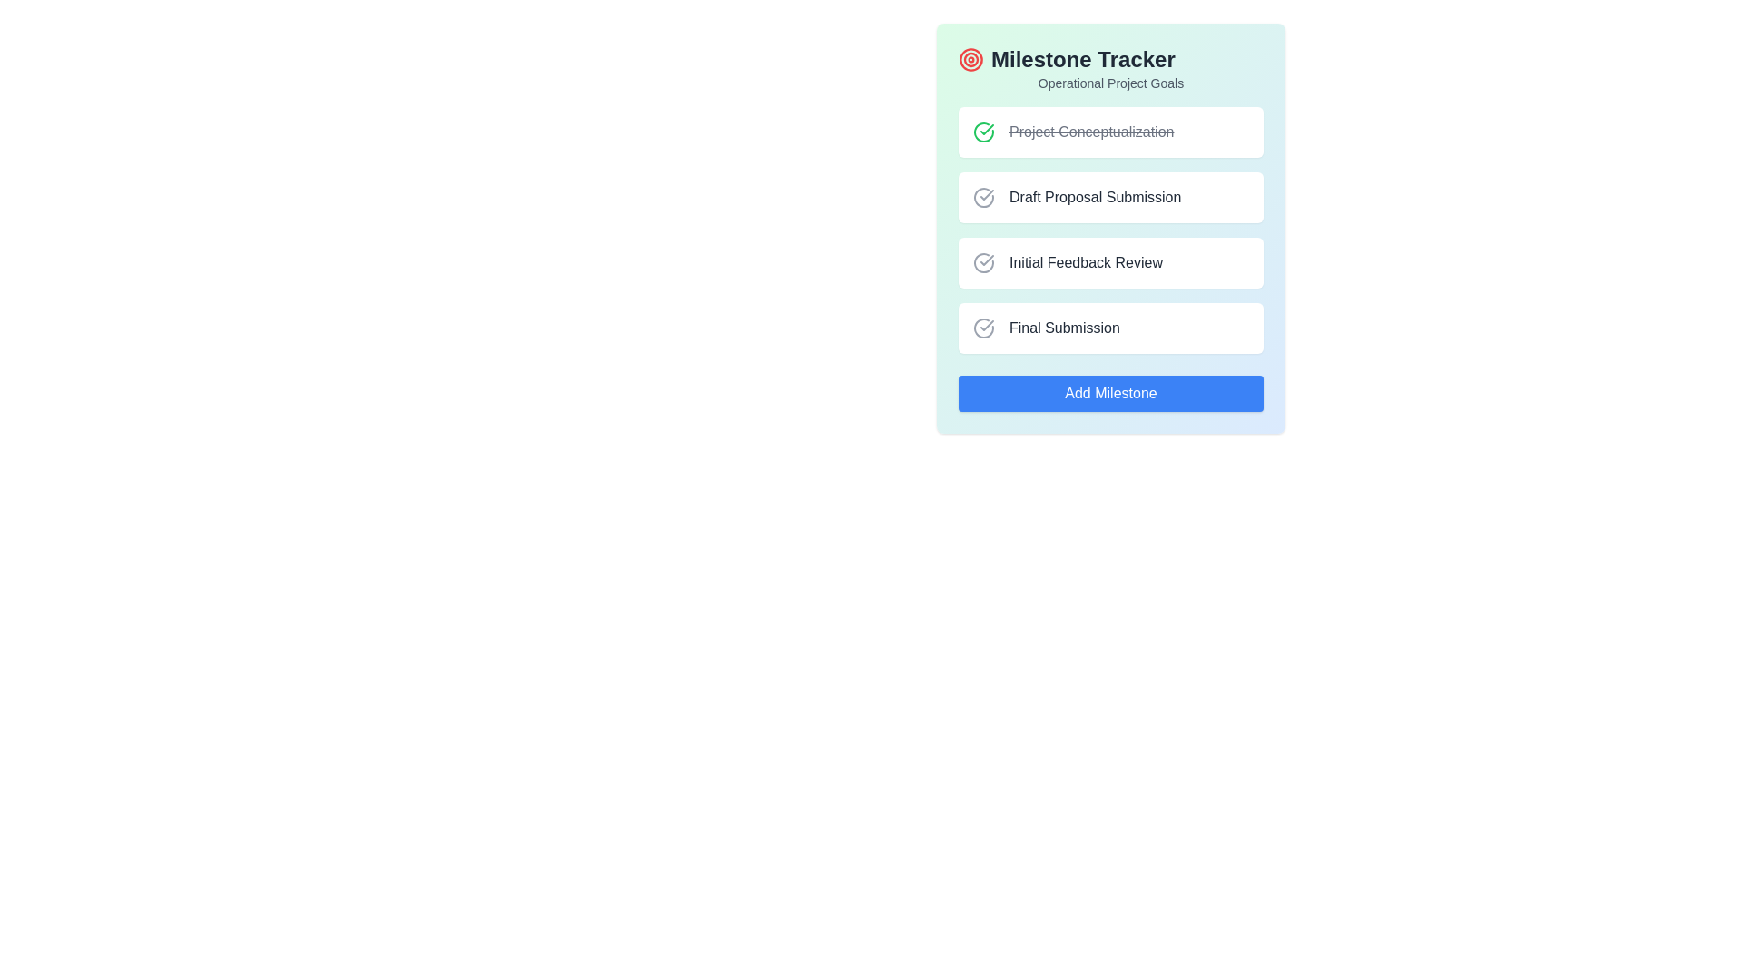  I want to click on the completion status of the text label reading 'Project Conceptualization' which is styled with a strikethrough line and positioned within a minimalist box layout, so click(1090, 132).